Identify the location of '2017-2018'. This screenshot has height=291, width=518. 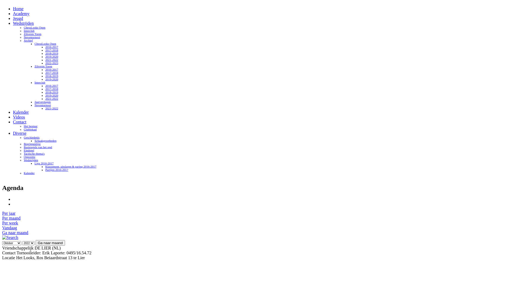
(45, 50).